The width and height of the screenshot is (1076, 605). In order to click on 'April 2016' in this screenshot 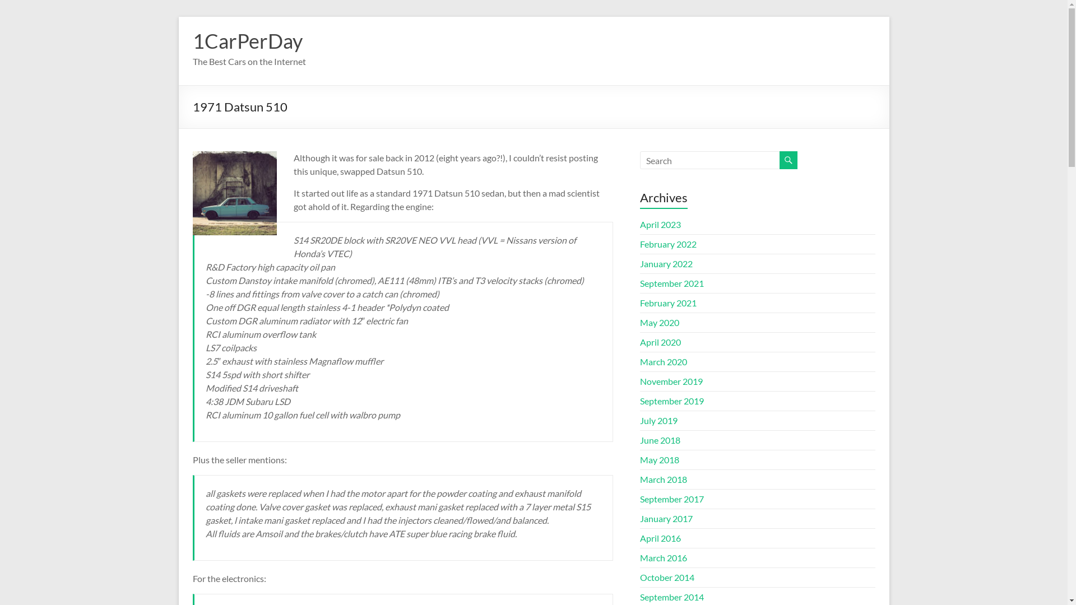, I will do `click(660, 537)`.